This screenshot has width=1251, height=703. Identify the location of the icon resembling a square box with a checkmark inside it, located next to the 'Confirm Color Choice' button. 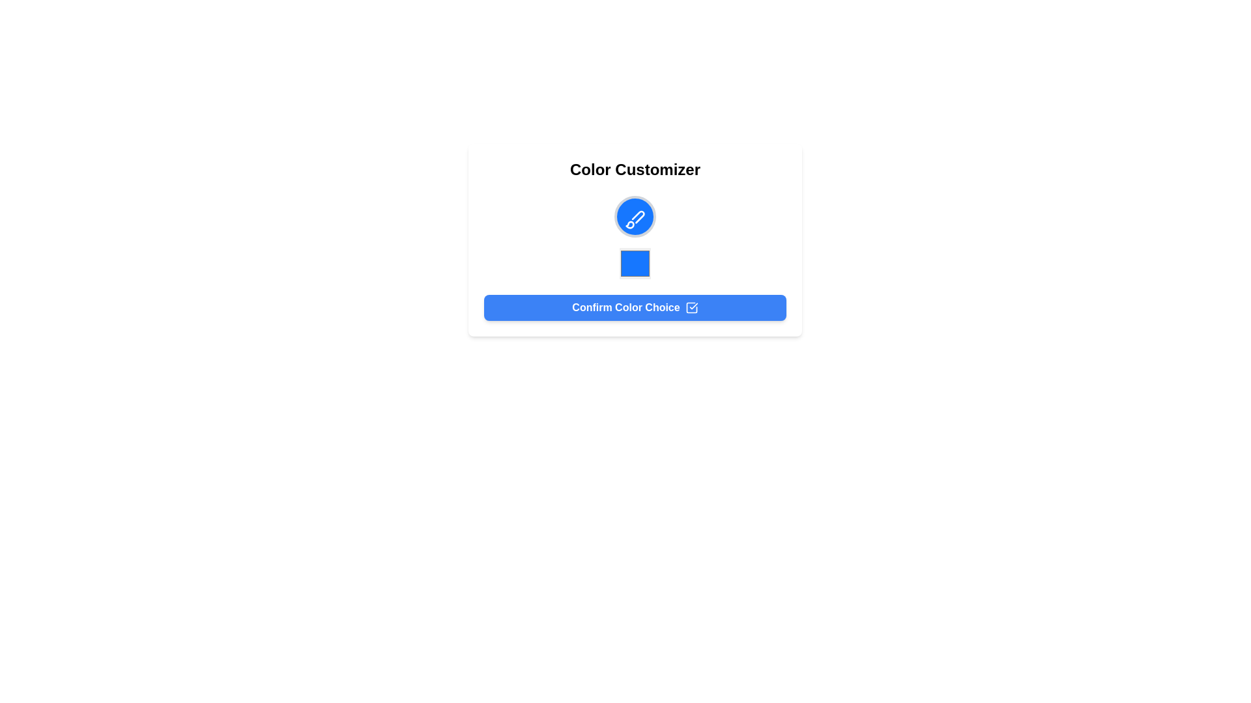
(691, 308).